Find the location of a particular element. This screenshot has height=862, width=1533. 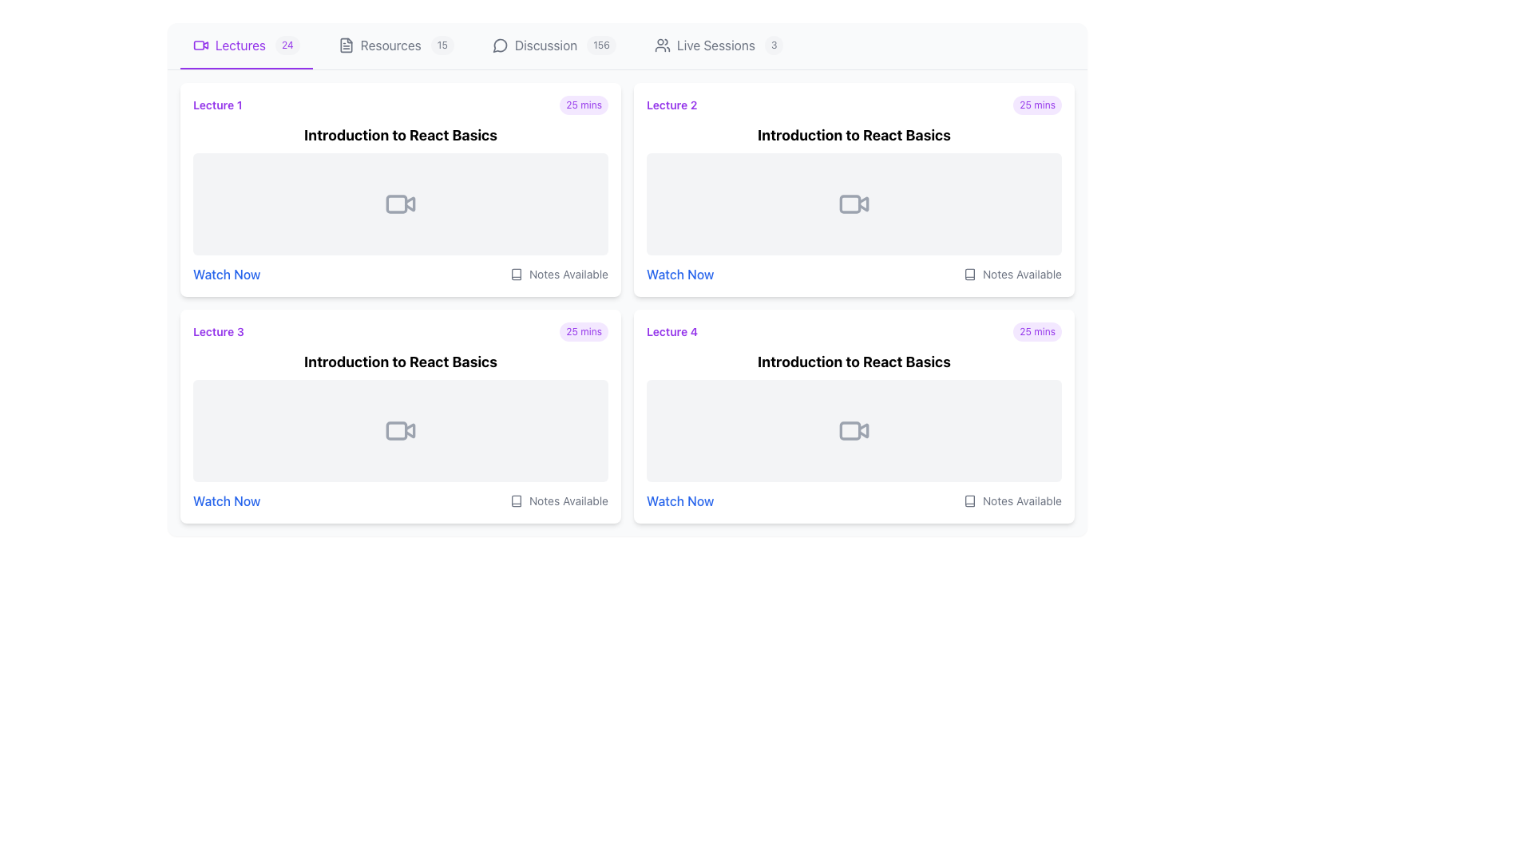

the small document icon with a gray outline and three horizontal lines, located in the navigation bar next to the text label 'Resources' is located at coordinates (345, 45).